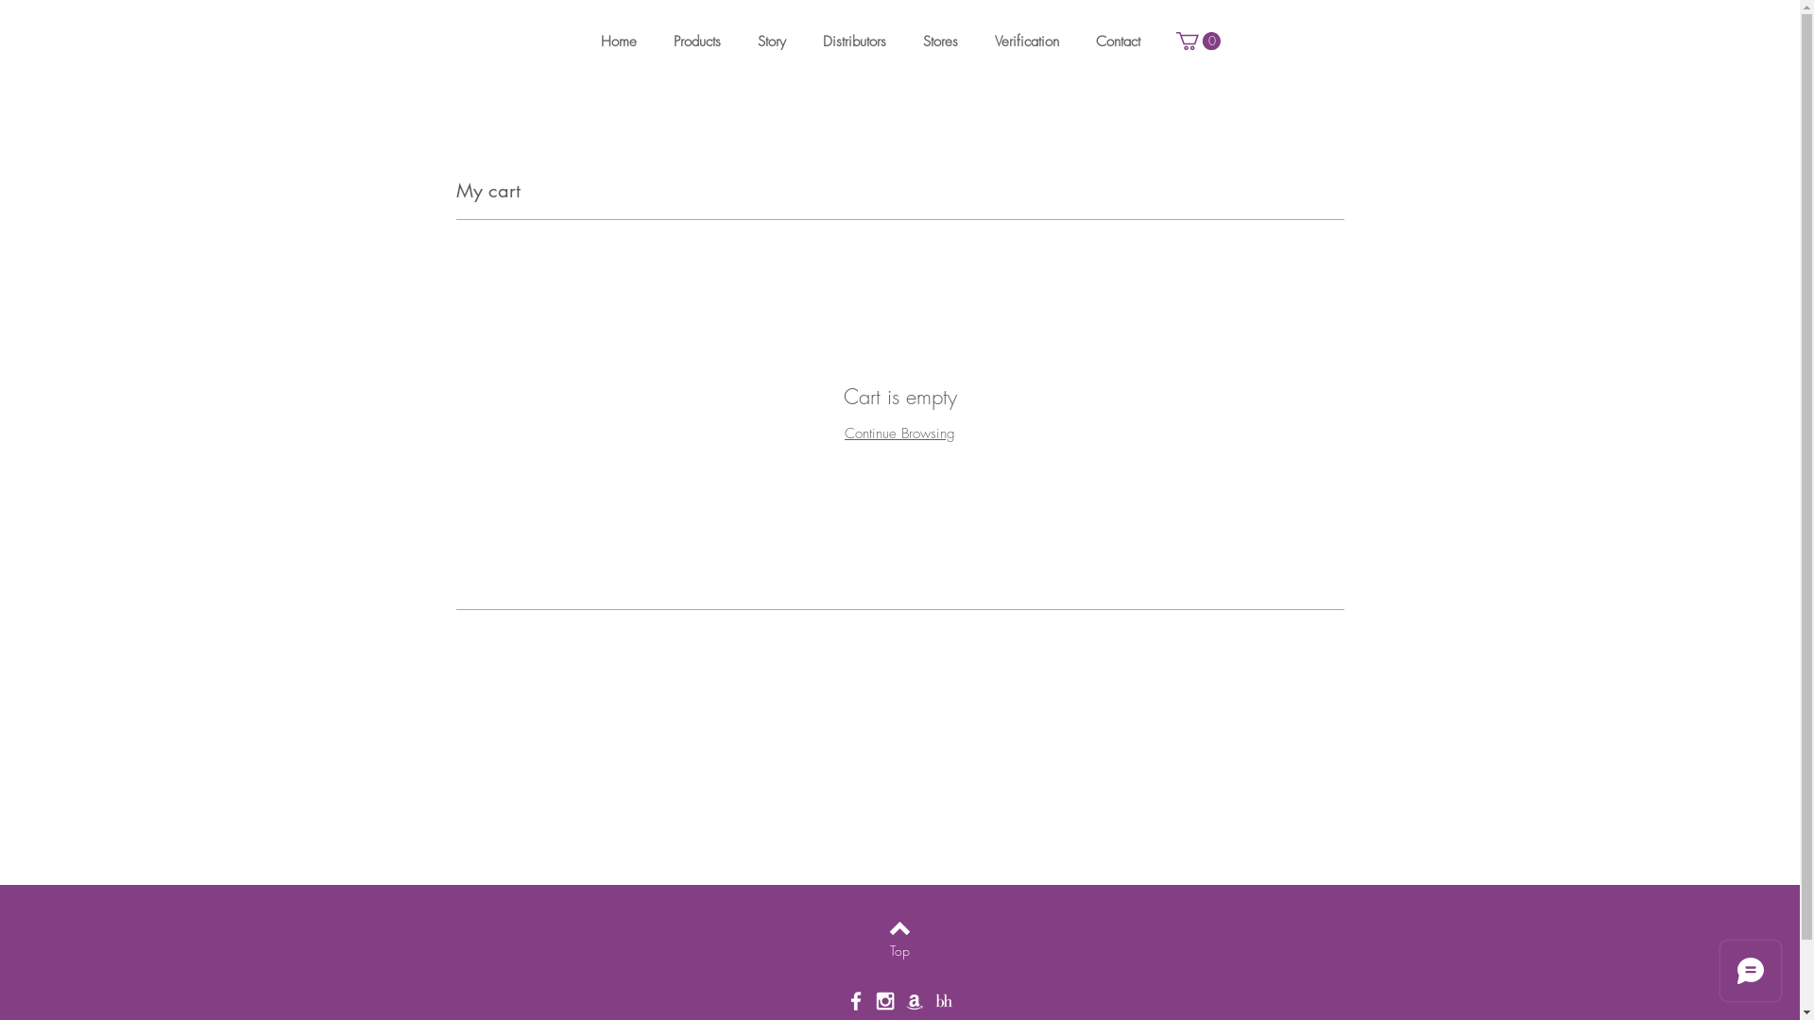  I want to click on 'Continue Browsing', so click(898, 433).